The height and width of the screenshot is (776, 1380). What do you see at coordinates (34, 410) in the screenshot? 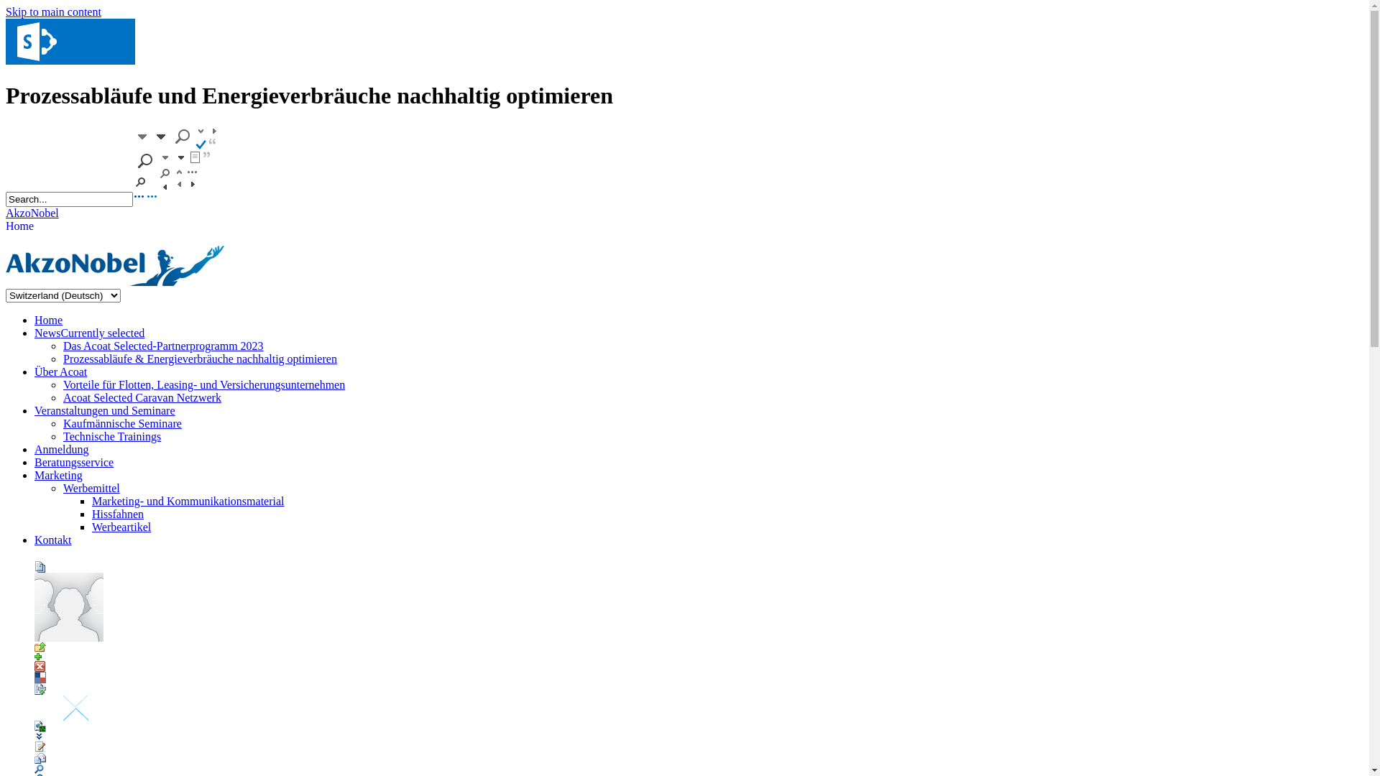
I see `'Veranstaltungen und Seminare'` at bounding box center [34, 410].